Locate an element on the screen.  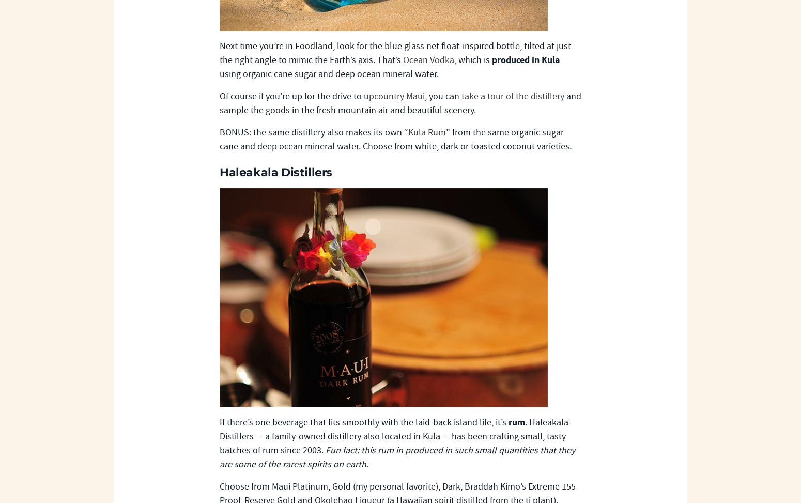
', which is' is located at coordinates (473, 59).